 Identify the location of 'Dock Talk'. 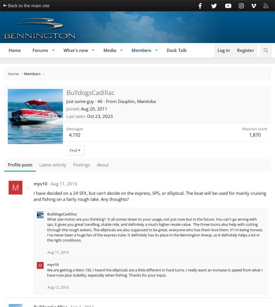
(176, 50).